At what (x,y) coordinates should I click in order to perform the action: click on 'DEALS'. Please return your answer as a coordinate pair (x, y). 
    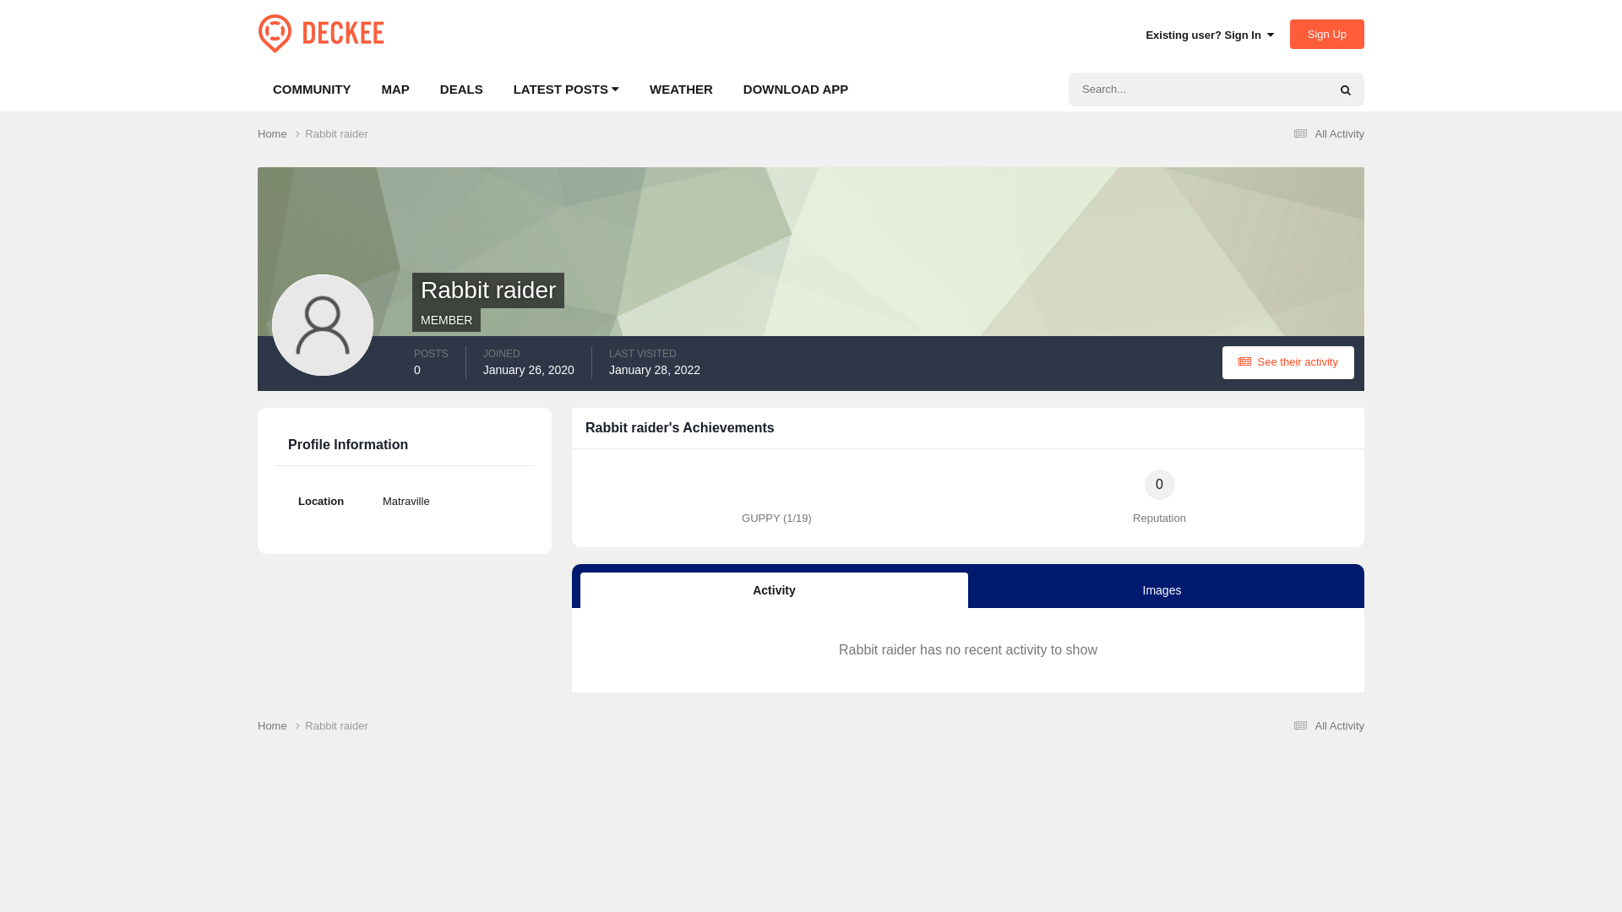
    Looking at the image, I should click on (425, 89).